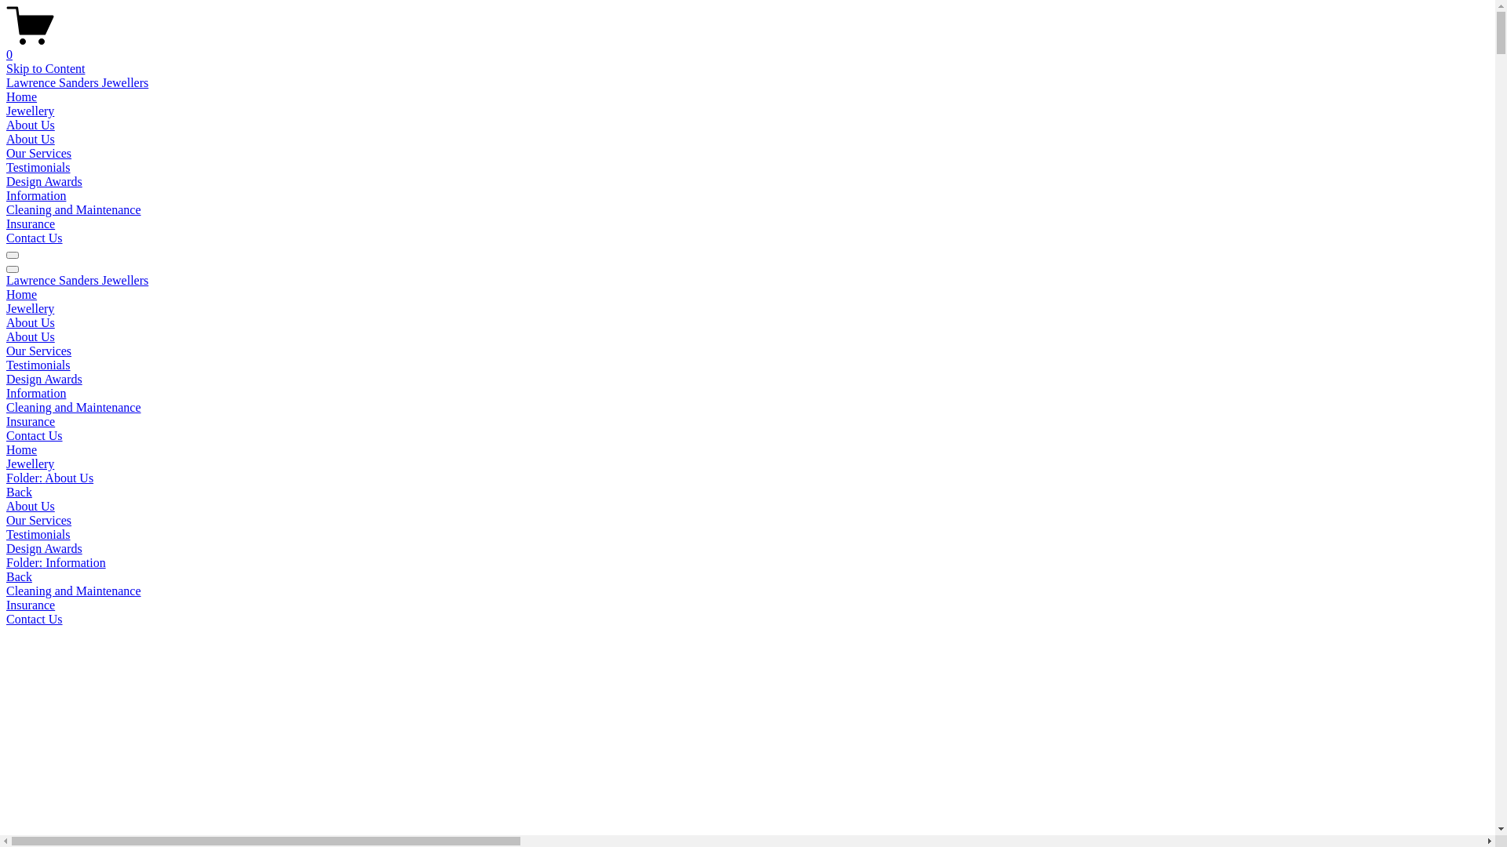  I want to click on 'Contact Us', so click(746, 619).